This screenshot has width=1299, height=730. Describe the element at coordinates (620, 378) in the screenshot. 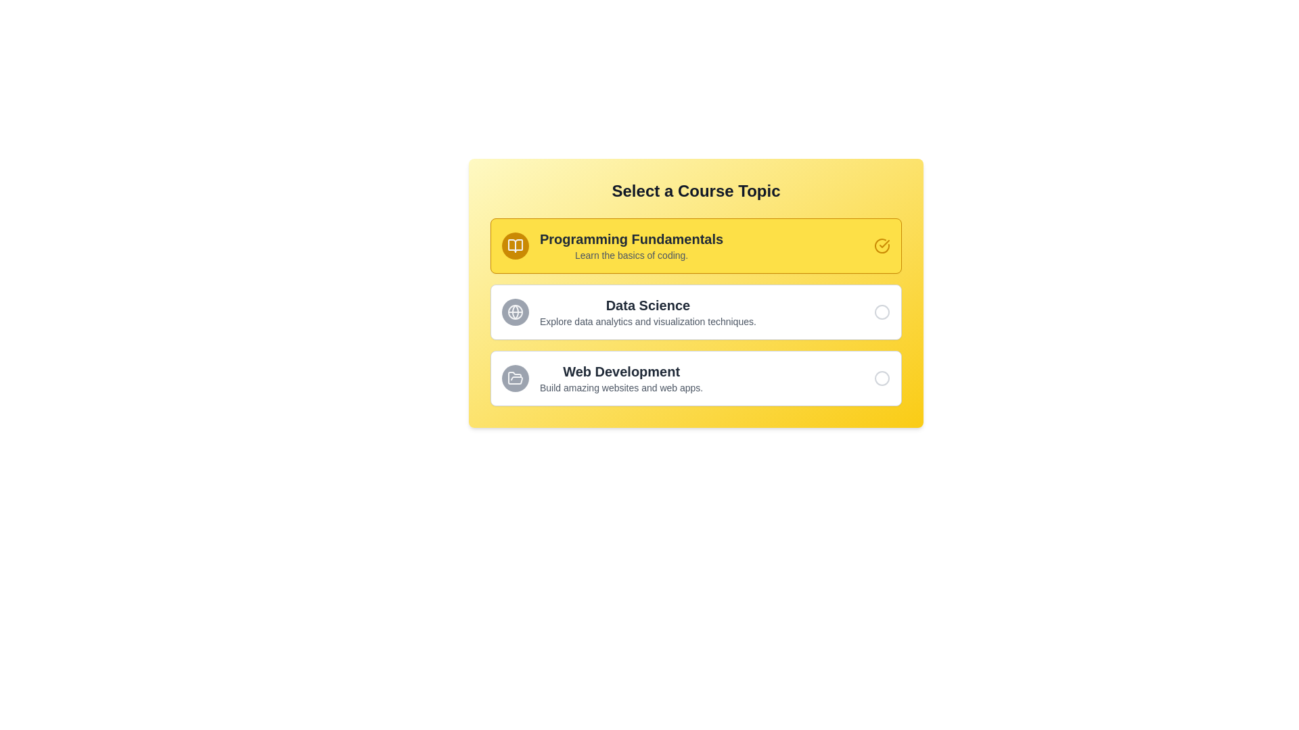

I see `the text block that displays 'Web Development'` at that location.